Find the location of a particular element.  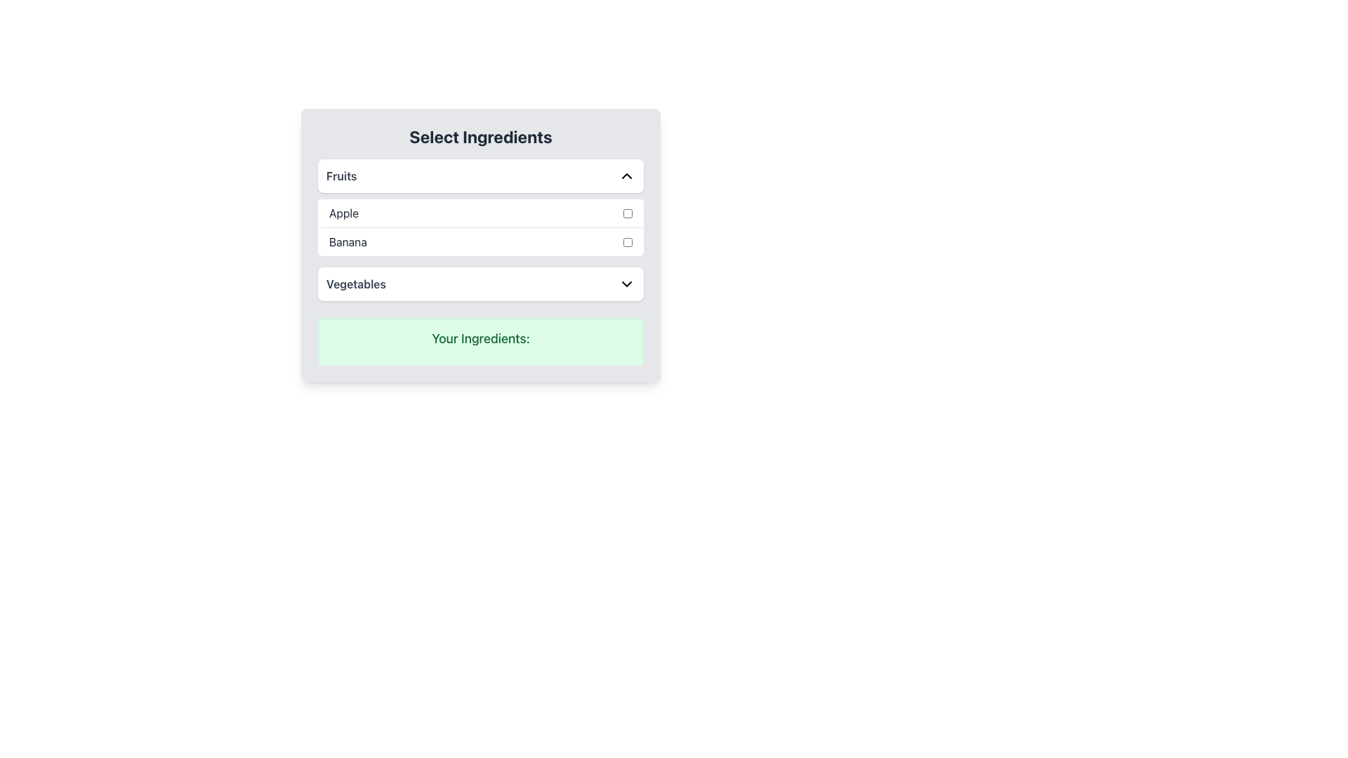

the heading or label located at the bottom of the 'Select Ingredients' panel, which introduces a section related to selected ingredients is located at coordinates (481, 341).